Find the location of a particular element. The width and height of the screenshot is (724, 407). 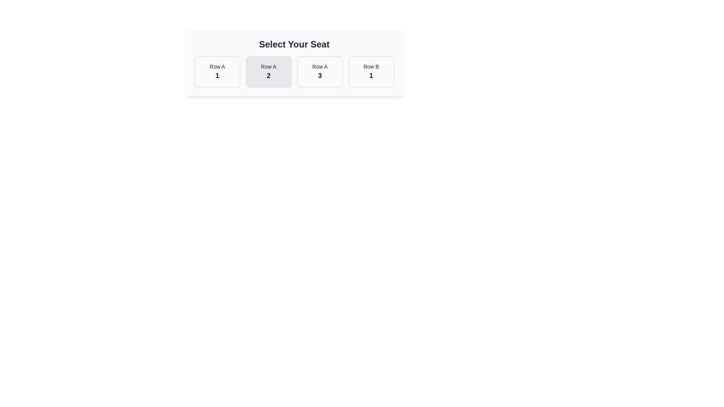

the label indicating 'Row A' which is part of the button-like component labeled 'Row A2' in the horizontal list of choices is located at coordinates (268, 66).